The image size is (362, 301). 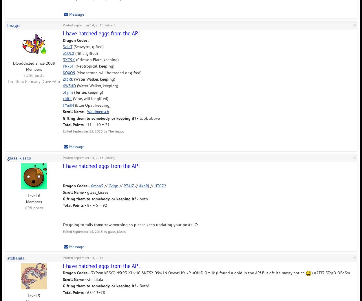 I want to click on 'SzLsT', so click(x=67, y=46).